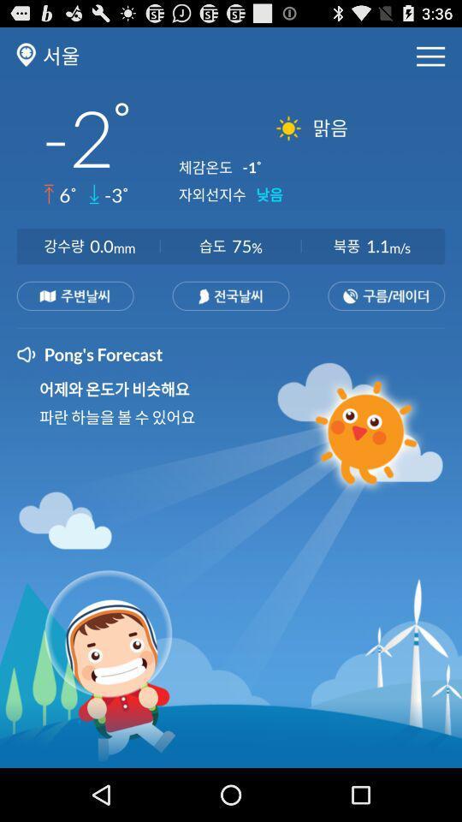 This screenshot has height=822, width=462. What do you see at coordinates (20, 51) in the screenshot?
I see `the location icon` at bounding box center [20, 51].